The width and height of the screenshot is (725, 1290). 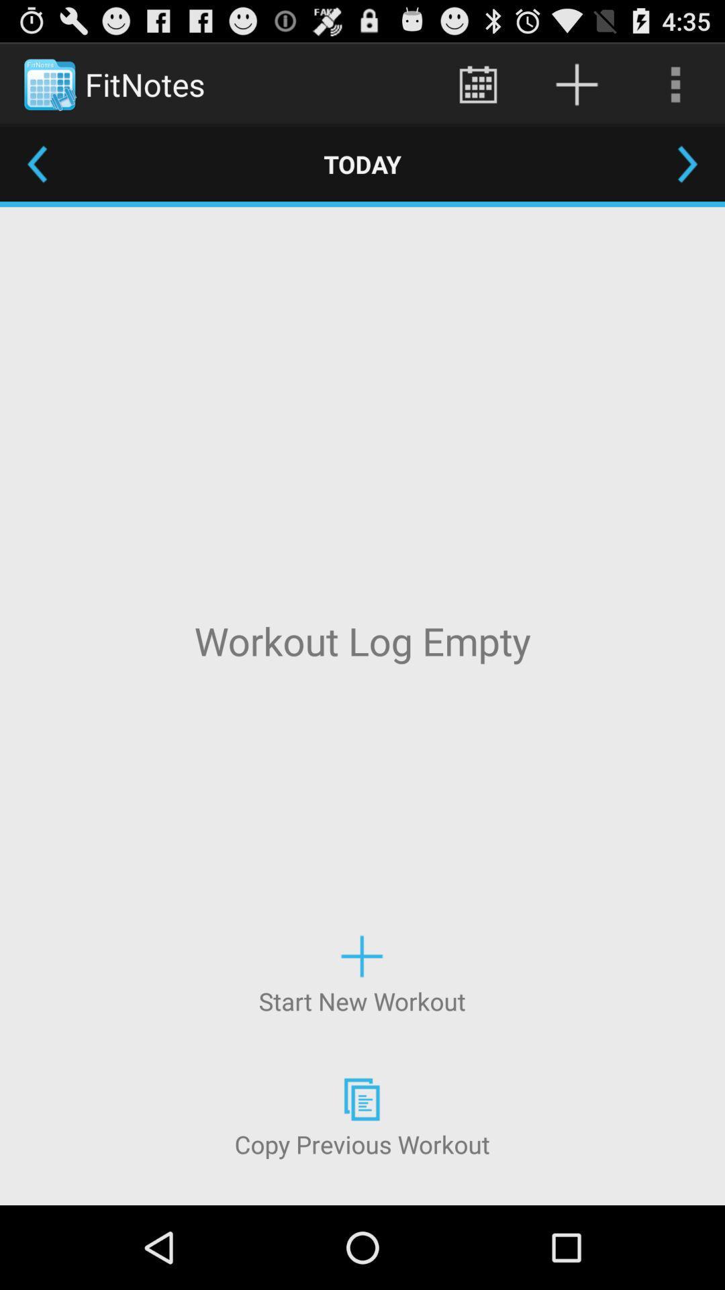 I want to click on icon below the workout log empty icon, so click(x=361, y=973).